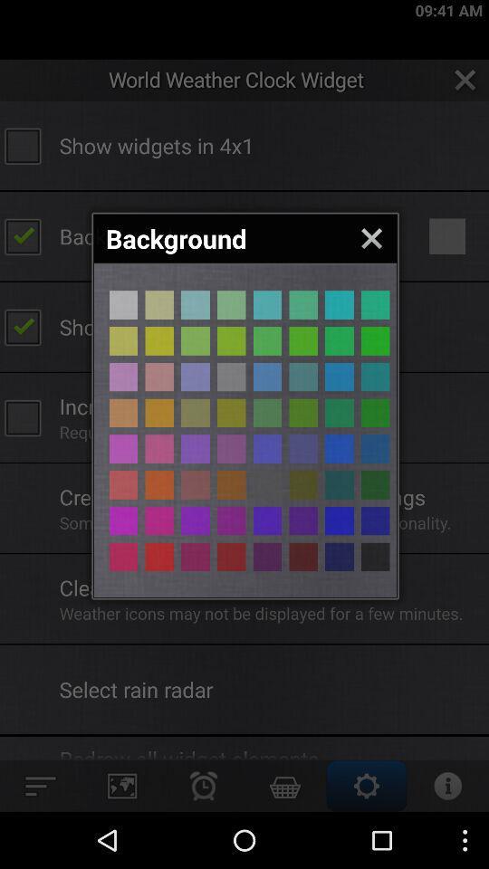 This screenshot has height=869, width=489. What do you see at coordinates (159, 339) in the screenshot?
I see `selects the highlighted color` at bounding box center [159, 339].